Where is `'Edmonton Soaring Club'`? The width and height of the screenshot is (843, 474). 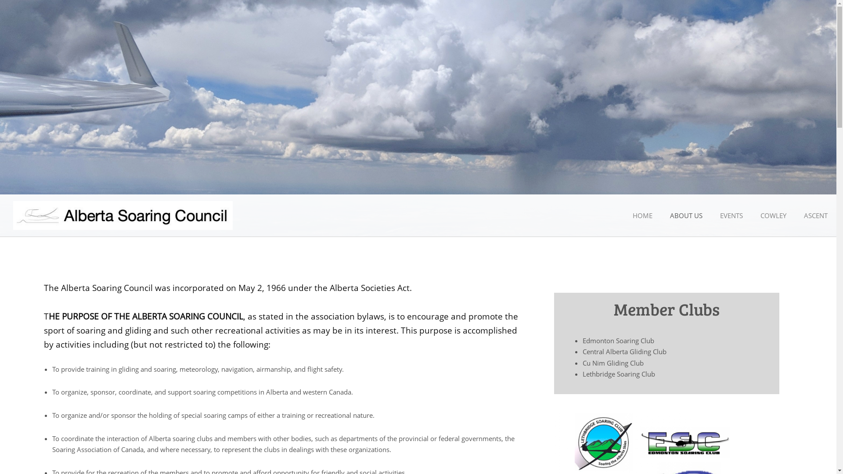
'Edmonton Soaring Club' is located at coordinates (618, 340).